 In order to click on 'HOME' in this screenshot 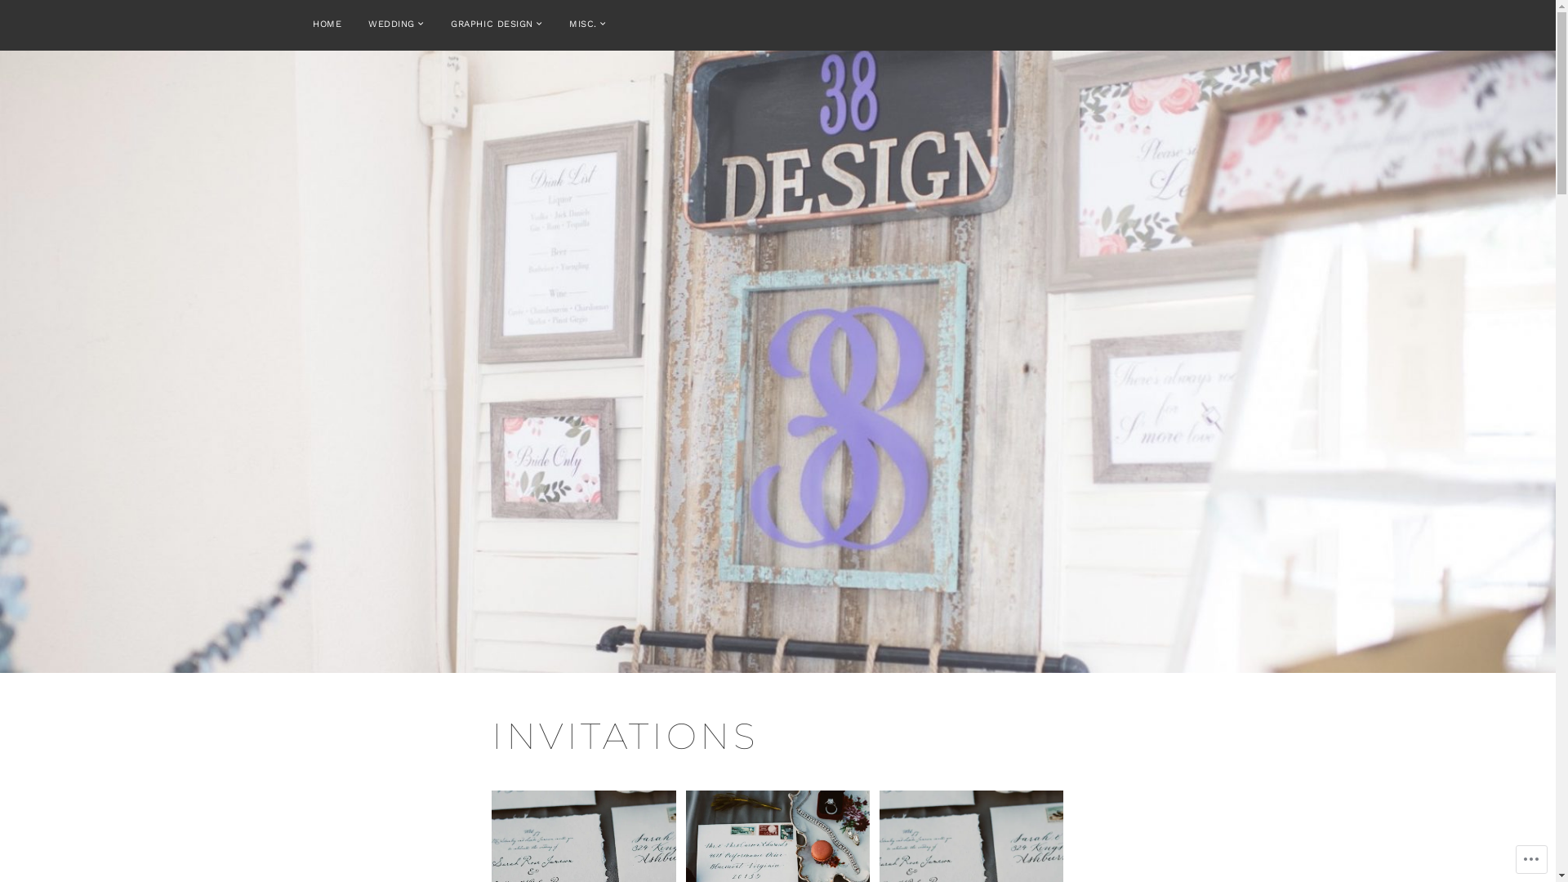, I will do `click(327, 24)`.